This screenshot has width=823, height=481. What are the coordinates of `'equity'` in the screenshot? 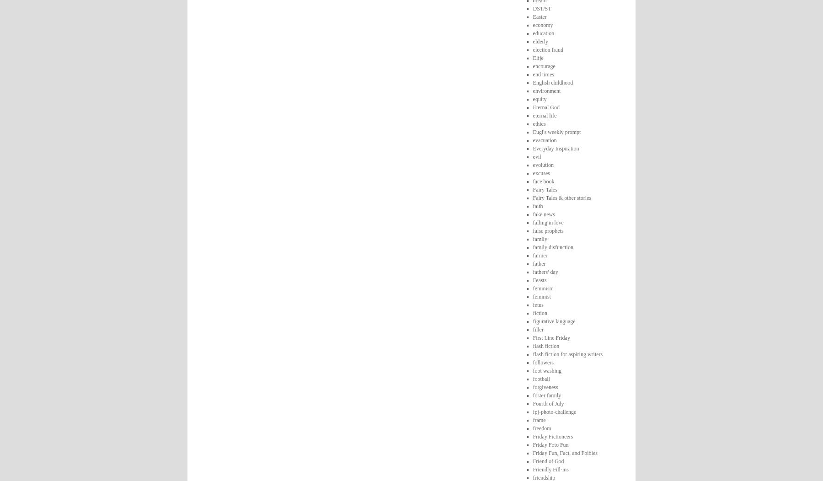 It's located at (532, 98).